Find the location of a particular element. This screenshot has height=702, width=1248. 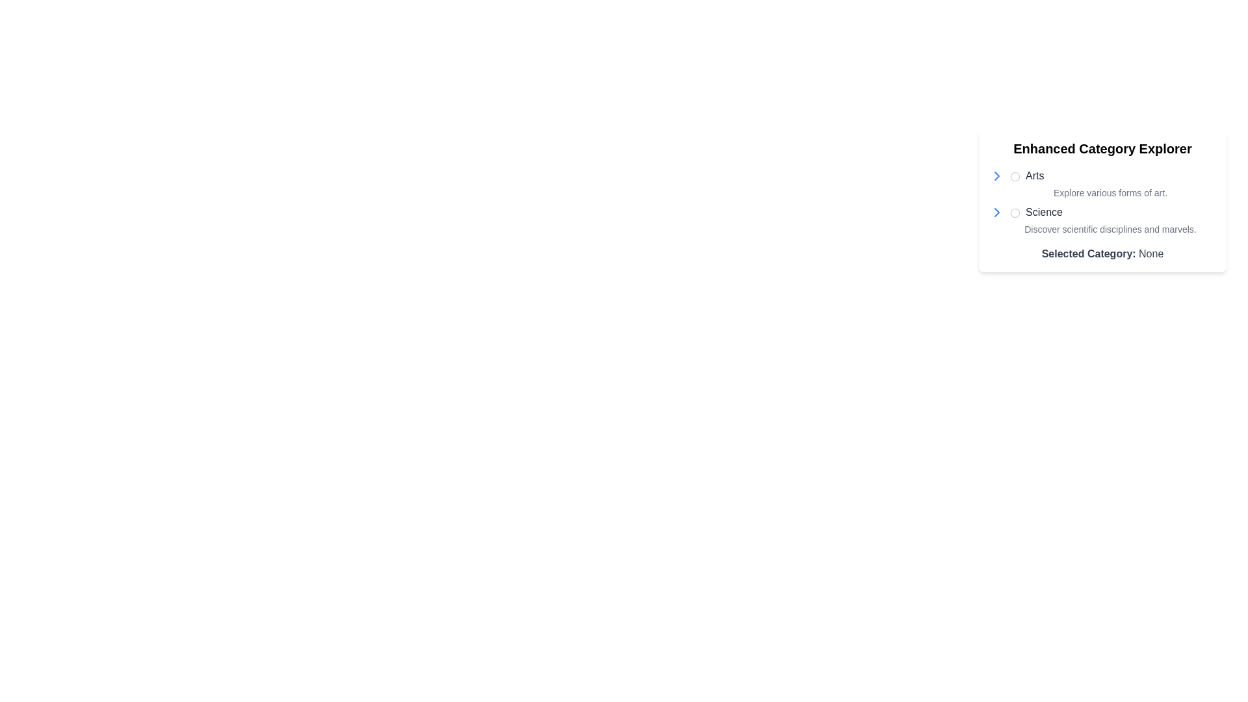

the Circle graphic within the SVG element that represents an unfilled checkbox next to the 'Science' category is located at coordinates (1014, 212).